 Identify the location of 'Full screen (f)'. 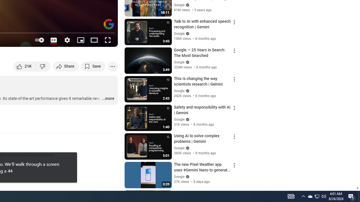
(107, 40).